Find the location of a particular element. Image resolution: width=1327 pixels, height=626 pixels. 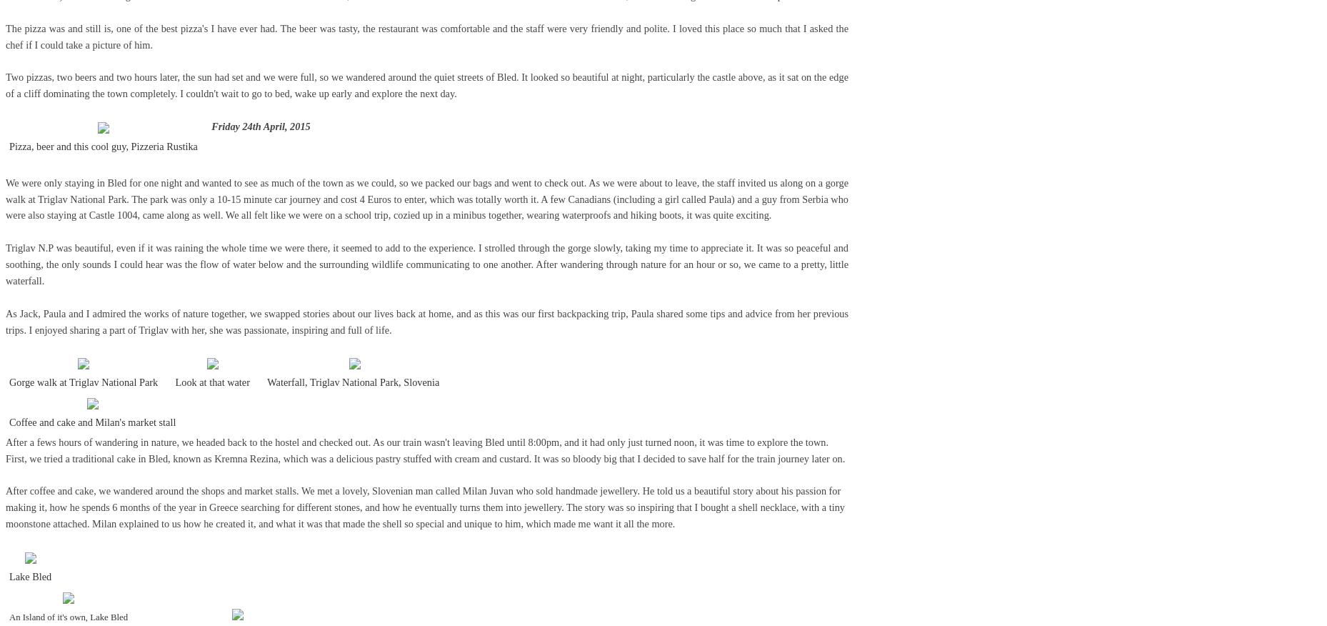

'Lake Bled' is located at coordinates (9, 575).